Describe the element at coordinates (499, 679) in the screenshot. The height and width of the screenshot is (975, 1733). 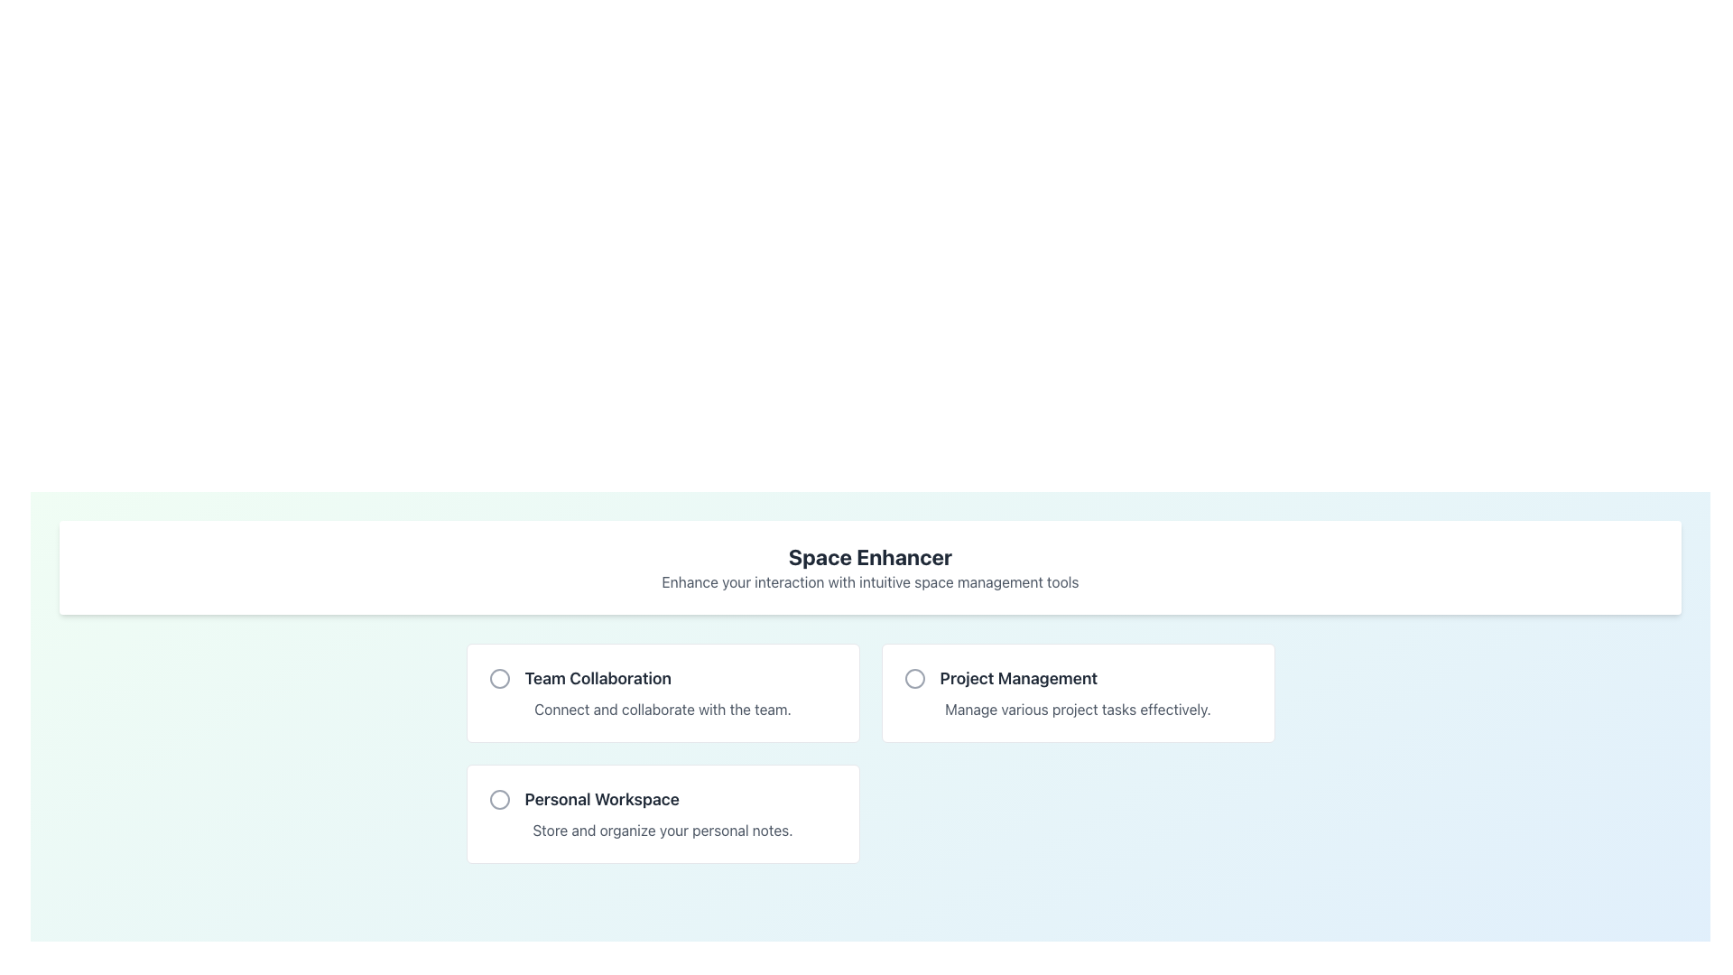
I see `the circular icon with a gray outline that appears before the text 'Team Collaboration'` at that location.